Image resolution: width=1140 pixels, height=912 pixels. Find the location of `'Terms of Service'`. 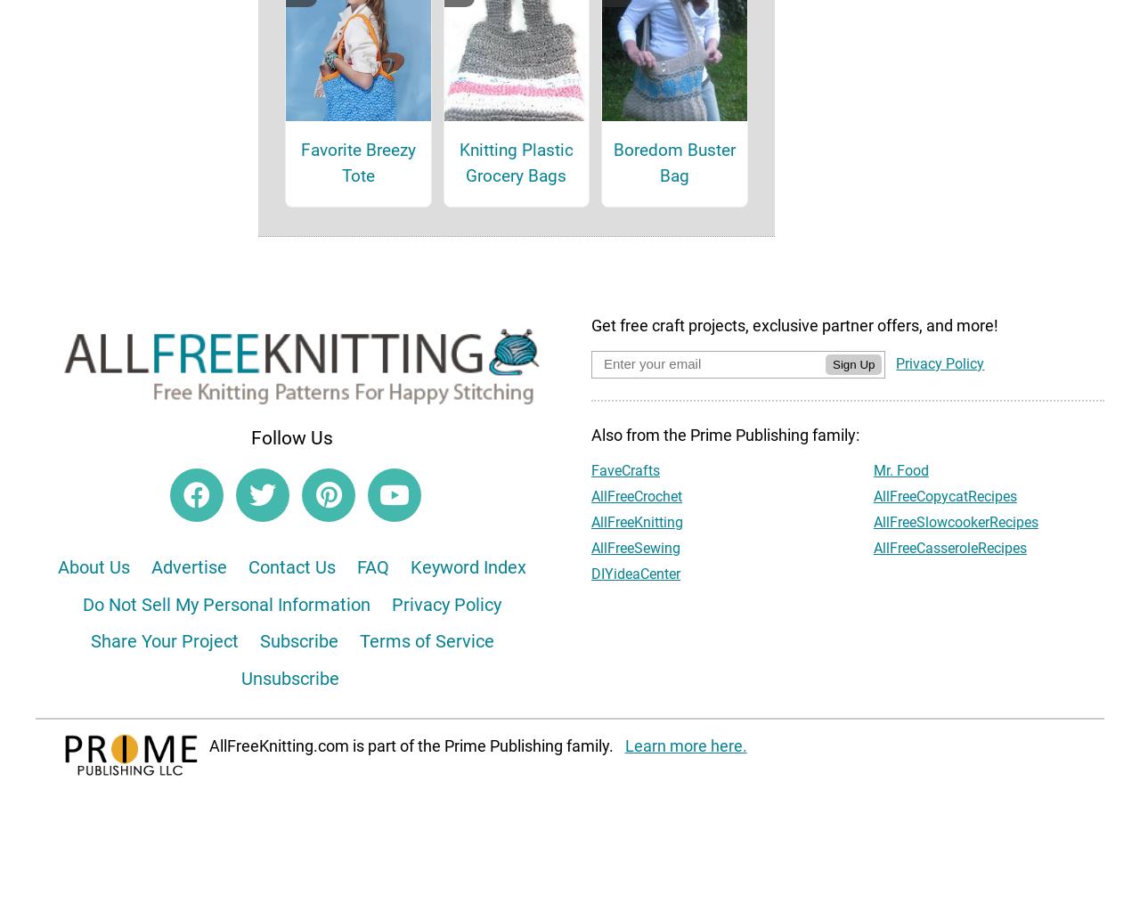

'Terms of Service' is located at coordinates (425, 665).